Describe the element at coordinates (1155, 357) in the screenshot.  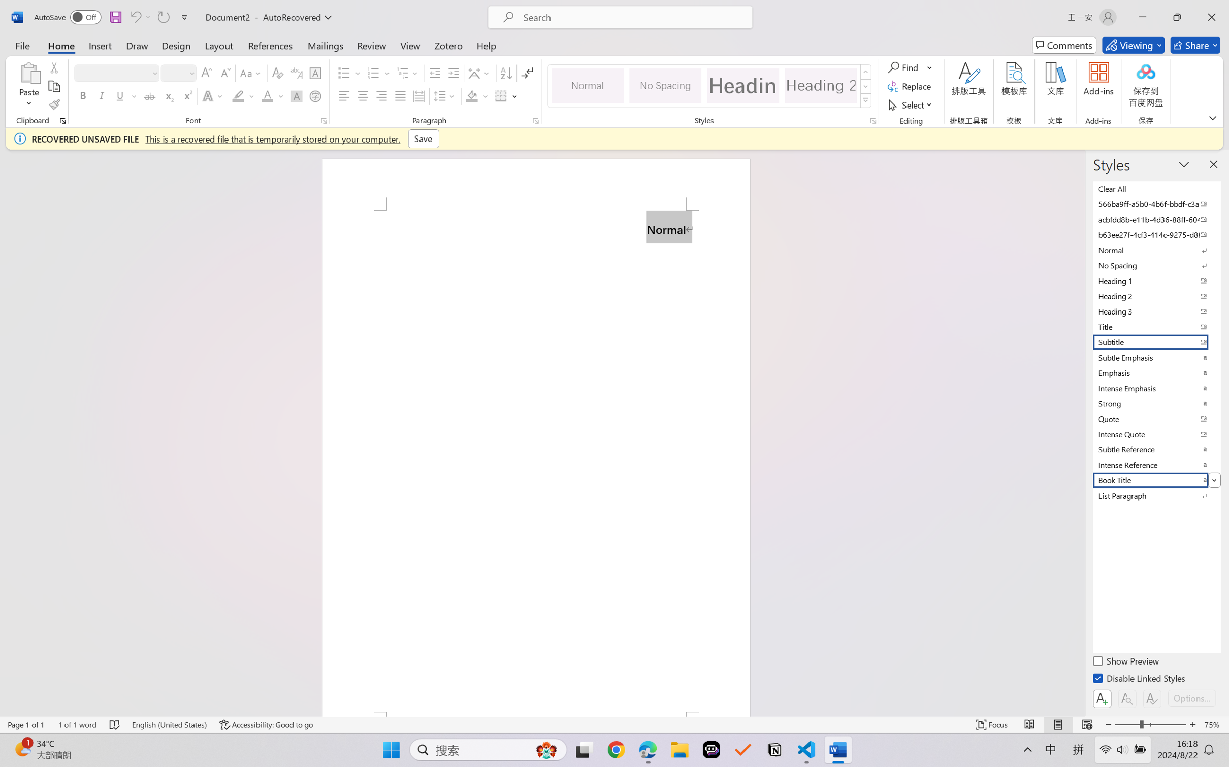
I see `'Subtle Emphasis'` at that location.